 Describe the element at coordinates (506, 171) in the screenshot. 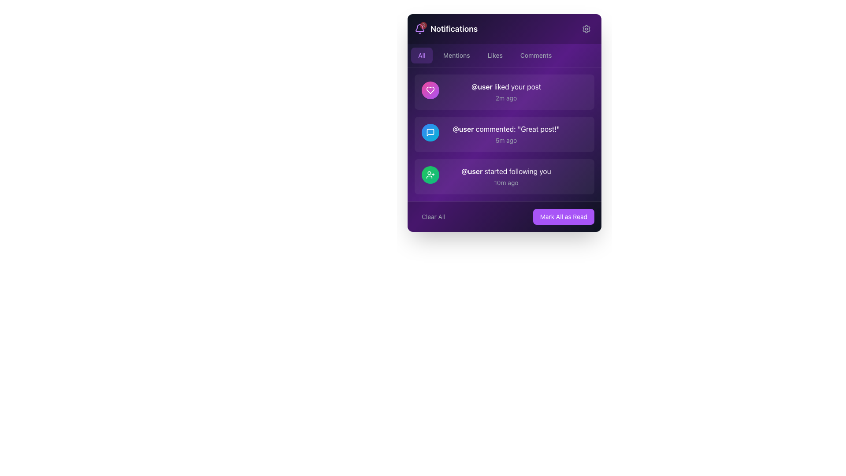

I see `the notification text label that displays the message '@user started following you', which is bolded in part and styled in white over a dark purple background` at that location.